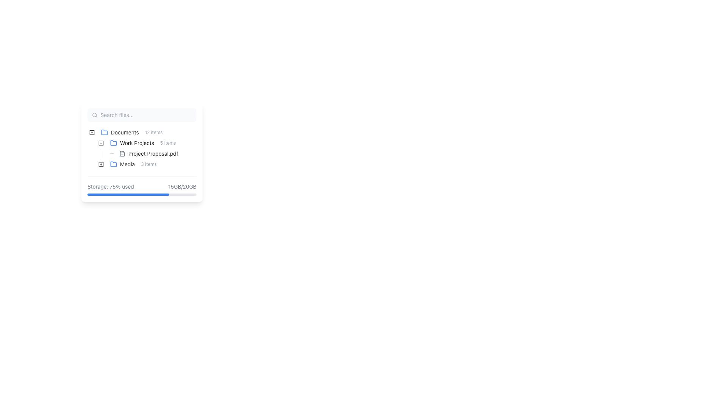 The height and width of the screenshot is (409, 727). I want to click on the 'Documents' tree item, so click(132, 132).